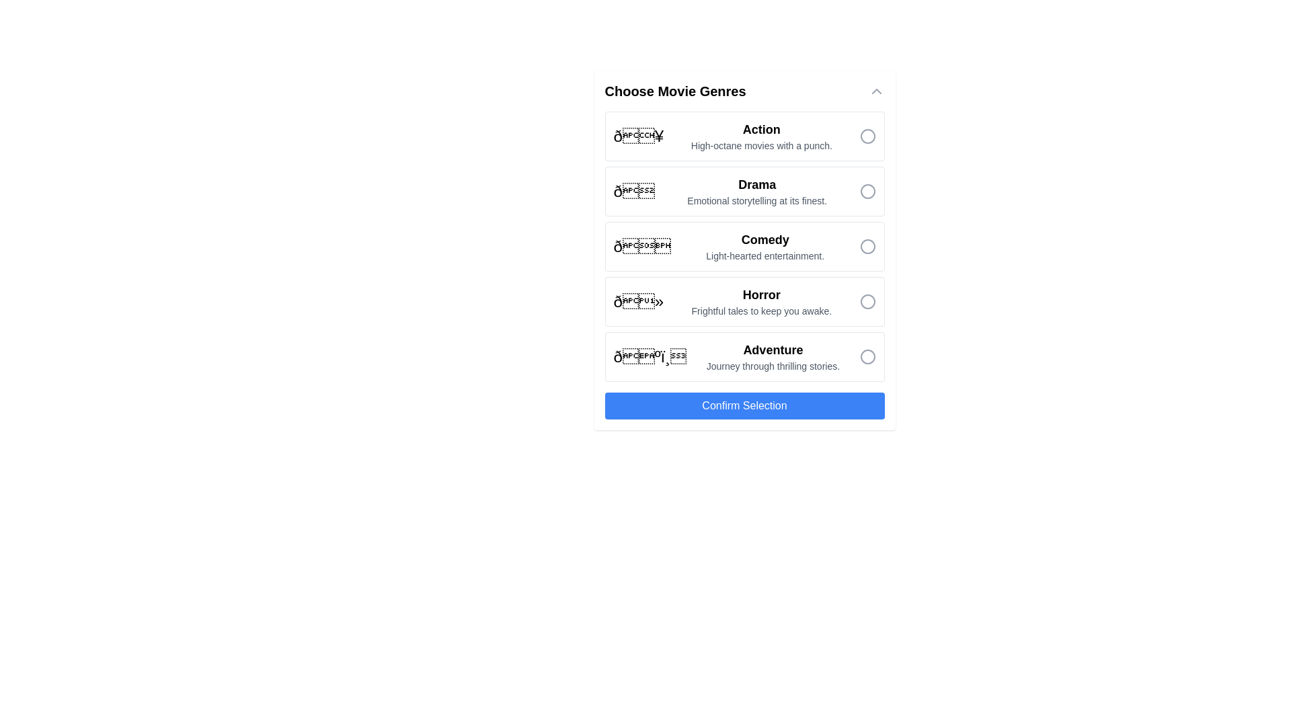 The height and width of the screenshot is (726, 1291). Describe the element at coordinates (744, 91) in the screenshot. I see `the Title Header with Interactive Icon to focus it, which serves as a dropdown activator for genre selection` at that location.